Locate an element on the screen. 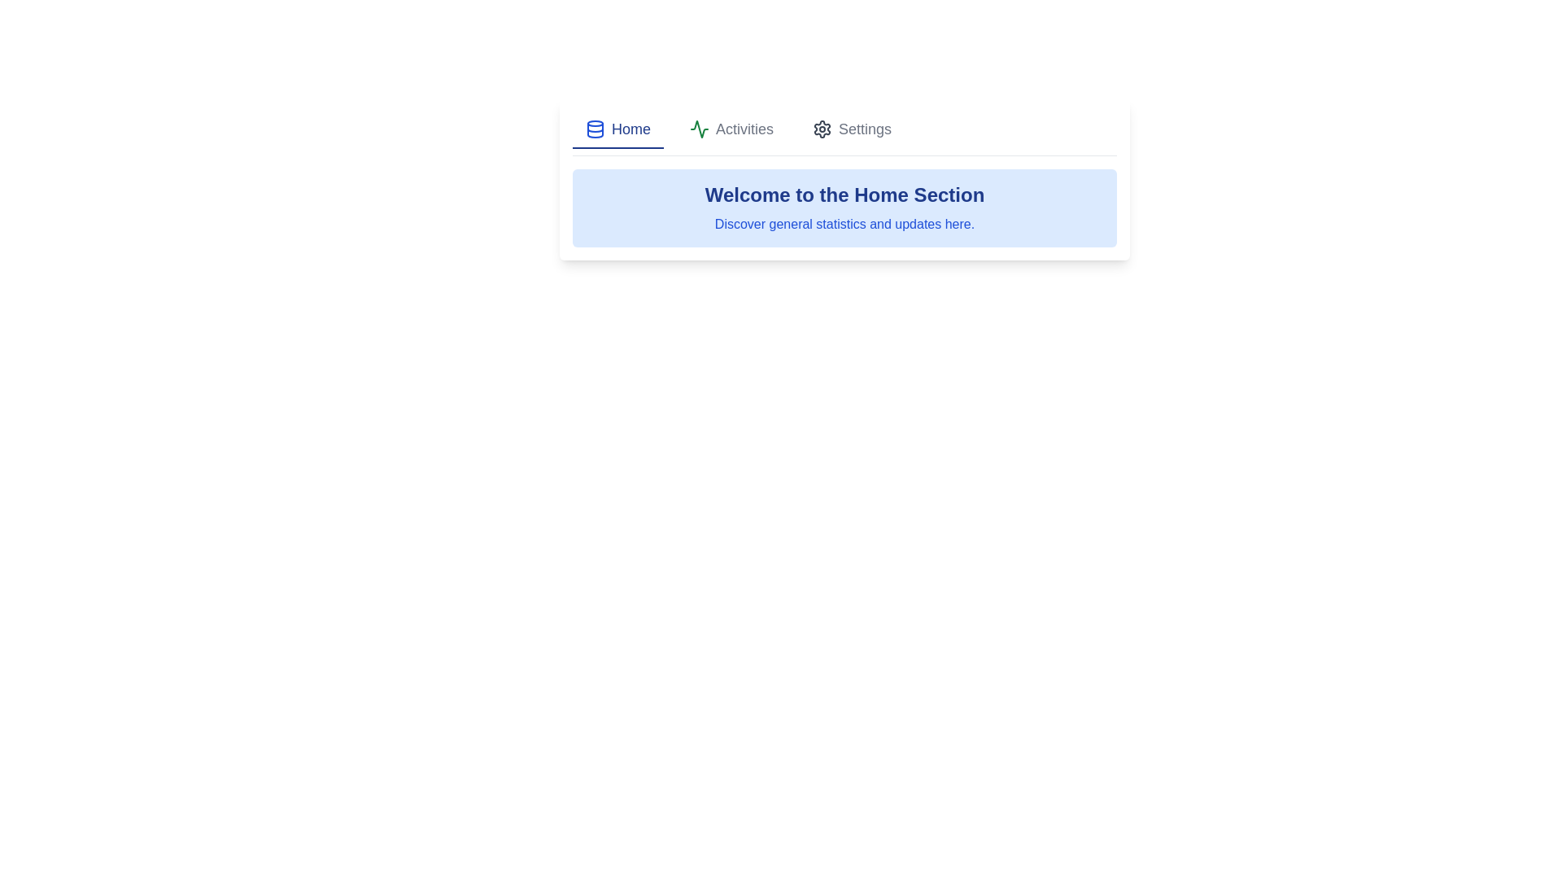 The height and width of the screenshot is (879, 1562). the tab corresponding to Settings is located at coordinates (850, 129).